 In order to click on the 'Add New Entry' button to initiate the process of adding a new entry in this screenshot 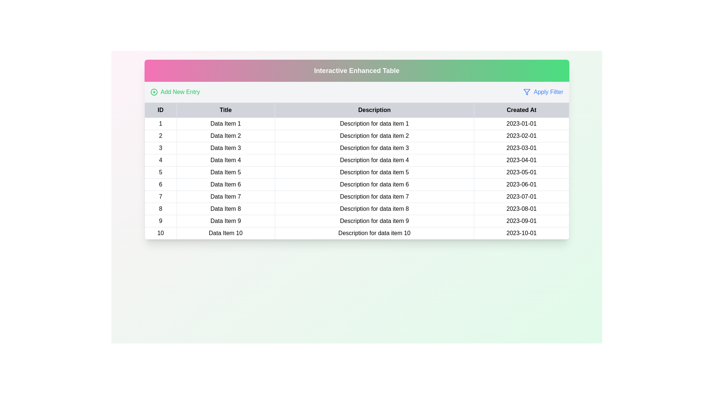, I will do `click(174, 92)`.